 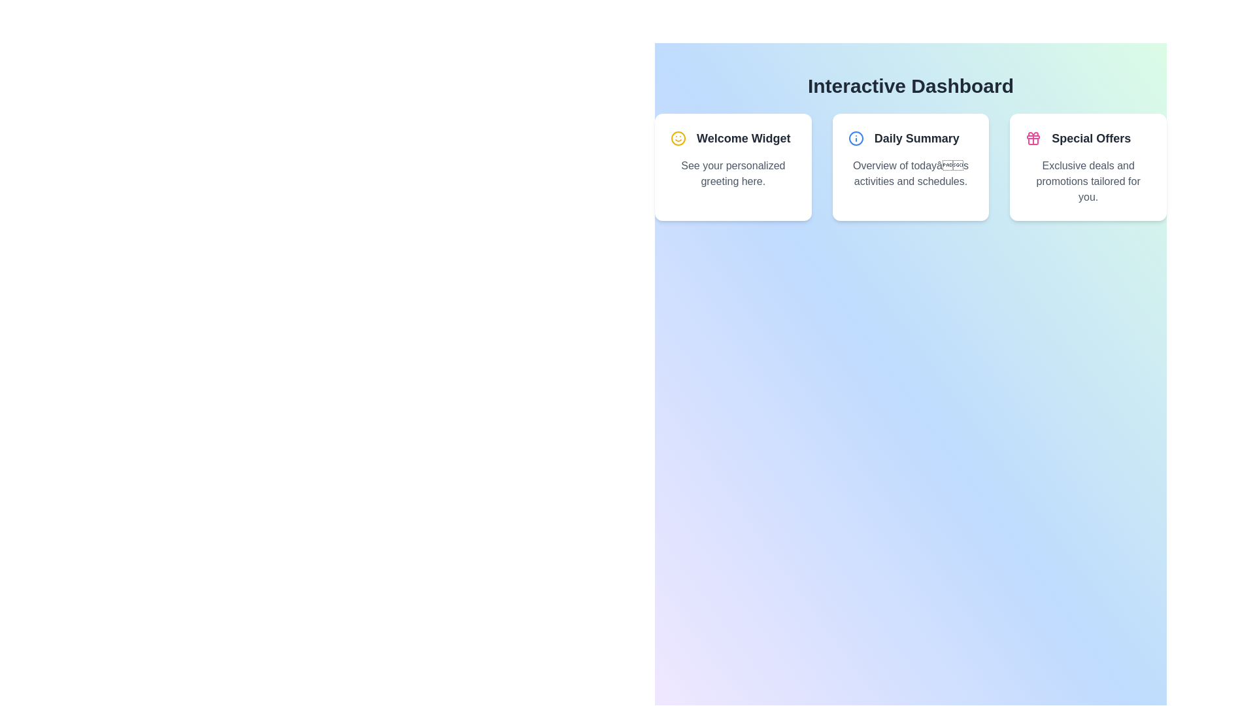 I want to click on the main circular outline of the smiley face icon in the 'Welcome Widget' card, which is the first visual component in the header row of content cards on the dashboard, so click(x=678, y=139).